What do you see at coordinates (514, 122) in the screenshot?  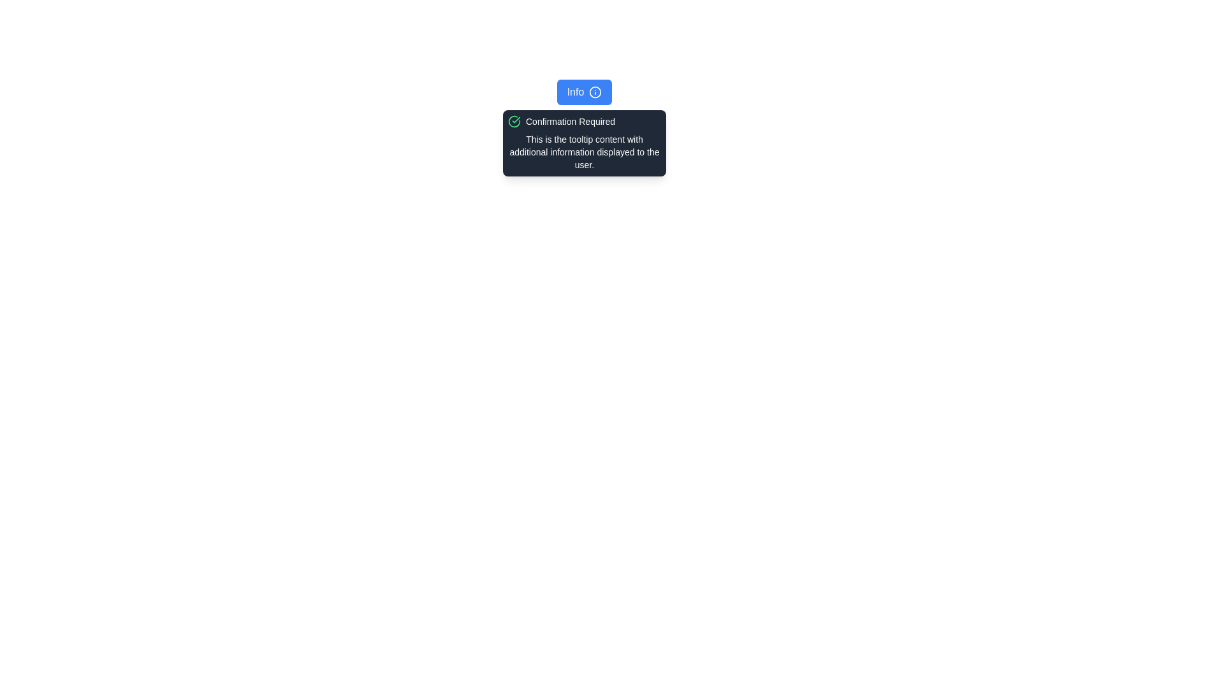 I see `visual confirmation icon located to the left of the text 'Confirmation Required'` at bounding box center [514, 122].